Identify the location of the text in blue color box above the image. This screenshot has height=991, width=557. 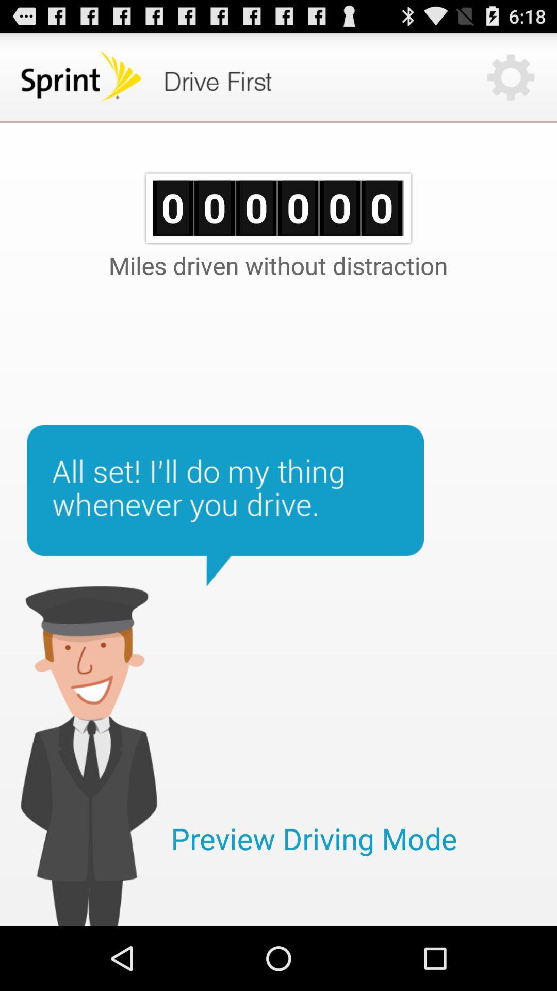
(225, 505).